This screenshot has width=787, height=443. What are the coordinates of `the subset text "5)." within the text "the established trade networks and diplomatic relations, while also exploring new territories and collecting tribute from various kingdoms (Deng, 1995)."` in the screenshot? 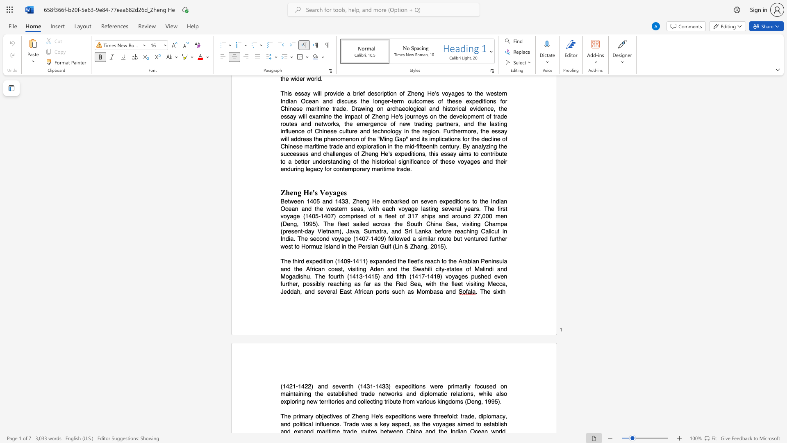 It's located at (494, 401).